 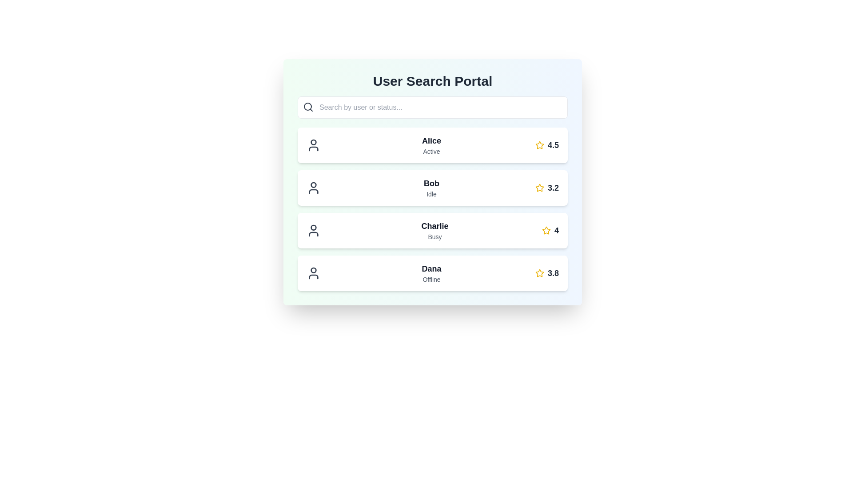 What do you see at coordinates (313, 191) in the screenshot?
I see `the shoulders graphic element of the user icon, which is styled as a semi-circle and is positioned beside the text 'Bob Idle' in the user status list` at bounding box center [313, 191].